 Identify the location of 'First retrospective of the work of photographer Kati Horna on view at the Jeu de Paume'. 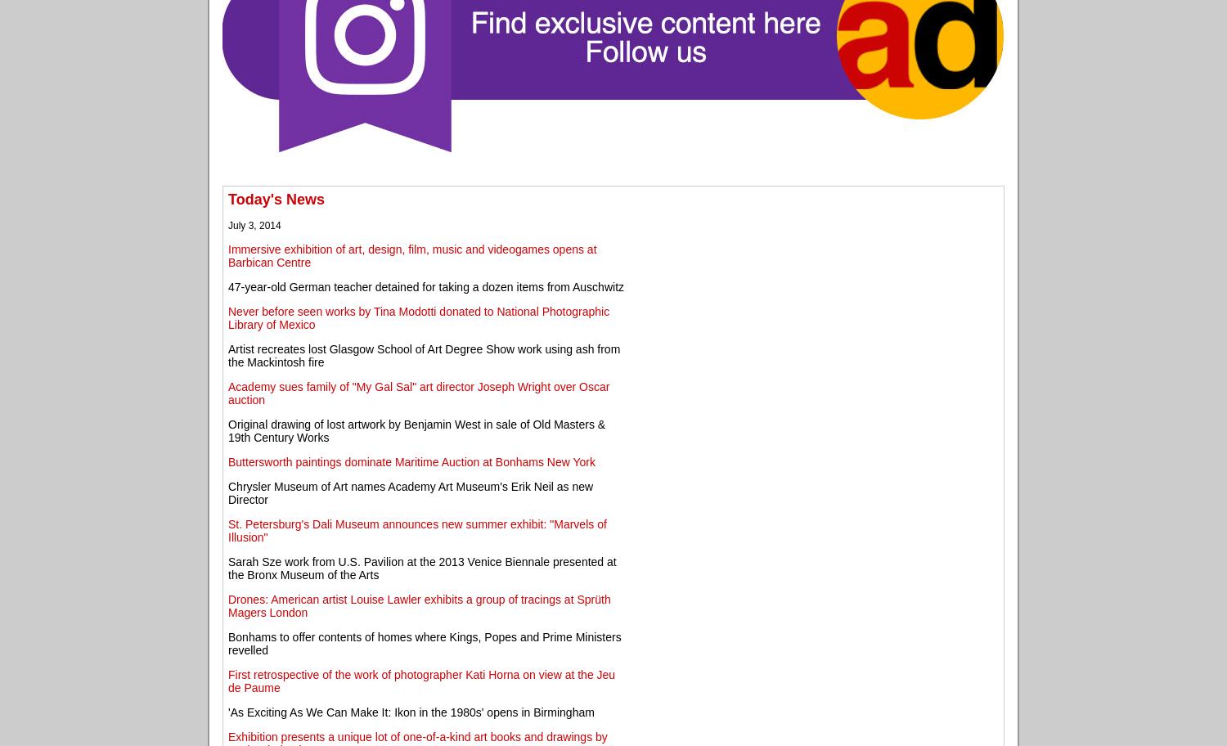
(421, 680).